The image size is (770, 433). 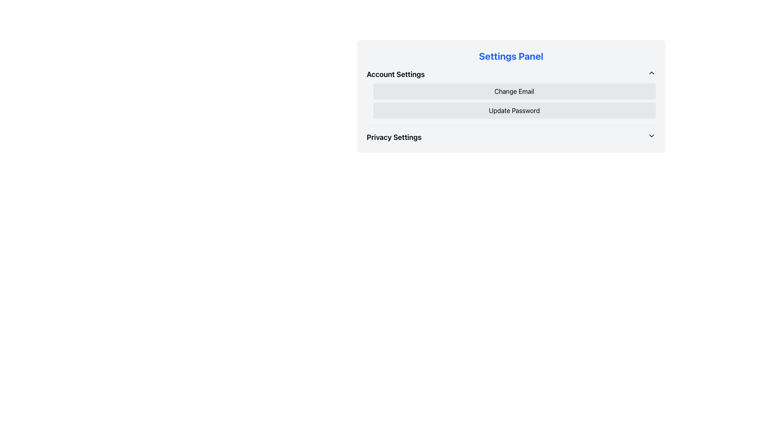 I want to click on the Chevron icon at the far-right end of the 'Privacy Settings' row, so click(x=651, y=136).